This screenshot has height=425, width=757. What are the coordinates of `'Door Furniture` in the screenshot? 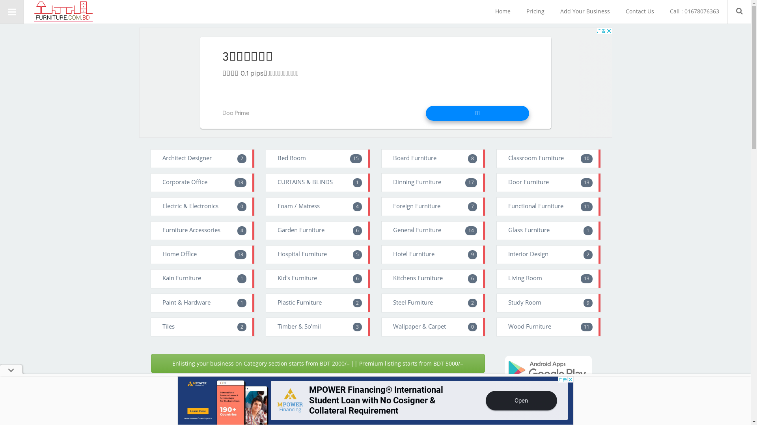 It's located at (548, 182).